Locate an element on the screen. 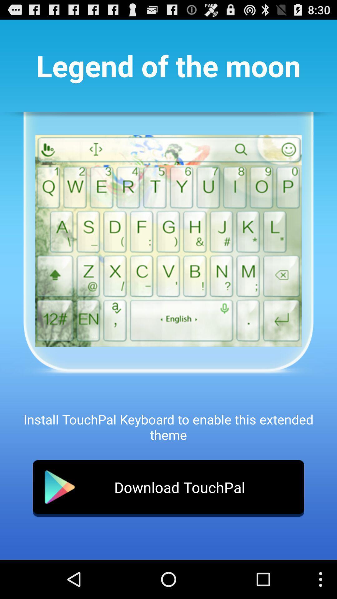 The width and height of the screenshot is (337, 599). the download touchpal icon is located at coordinates (168, 488).